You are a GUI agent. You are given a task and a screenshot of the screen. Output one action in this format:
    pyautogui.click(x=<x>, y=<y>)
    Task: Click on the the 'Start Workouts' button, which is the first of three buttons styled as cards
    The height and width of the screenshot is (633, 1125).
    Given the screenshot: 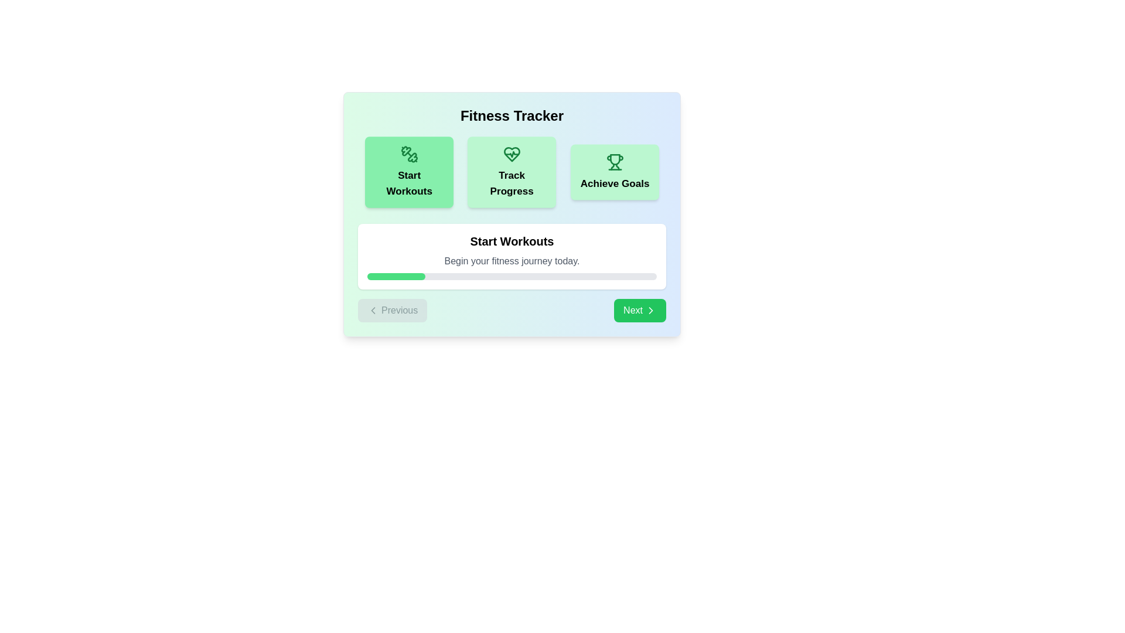 What is the action you would take?
    pyautogui.click(x=409, y=172)
    